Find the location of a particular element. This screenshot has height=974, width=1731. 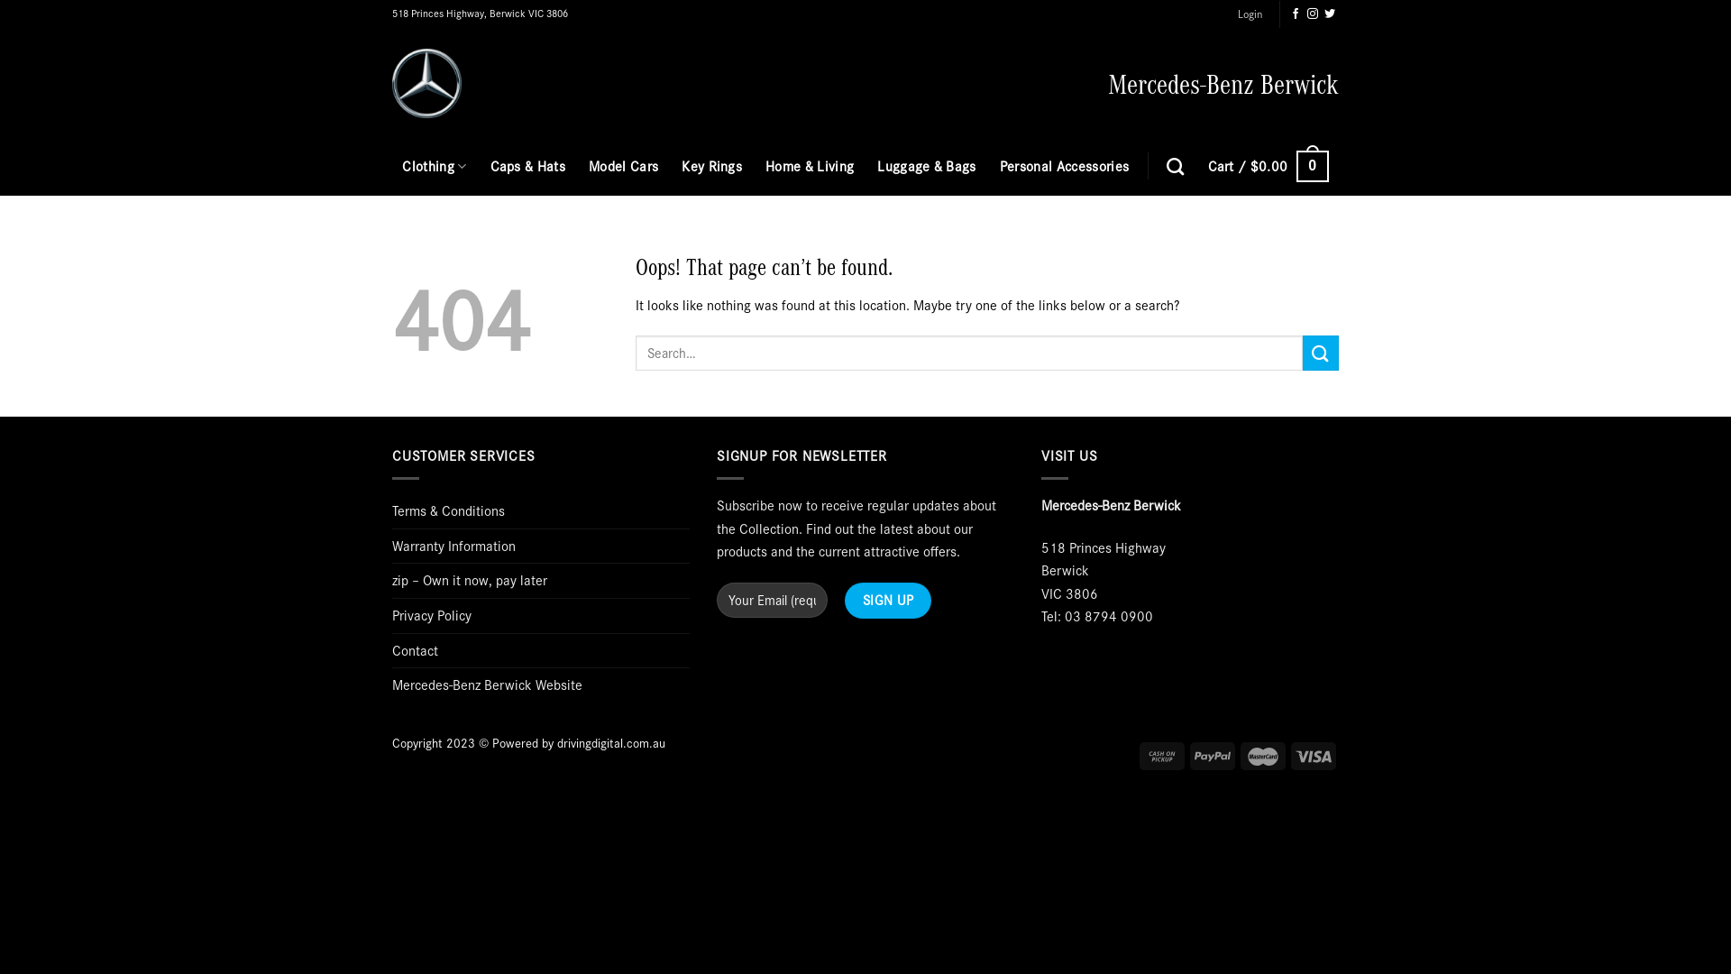

'Contact' is located at coordinates (414, 650).